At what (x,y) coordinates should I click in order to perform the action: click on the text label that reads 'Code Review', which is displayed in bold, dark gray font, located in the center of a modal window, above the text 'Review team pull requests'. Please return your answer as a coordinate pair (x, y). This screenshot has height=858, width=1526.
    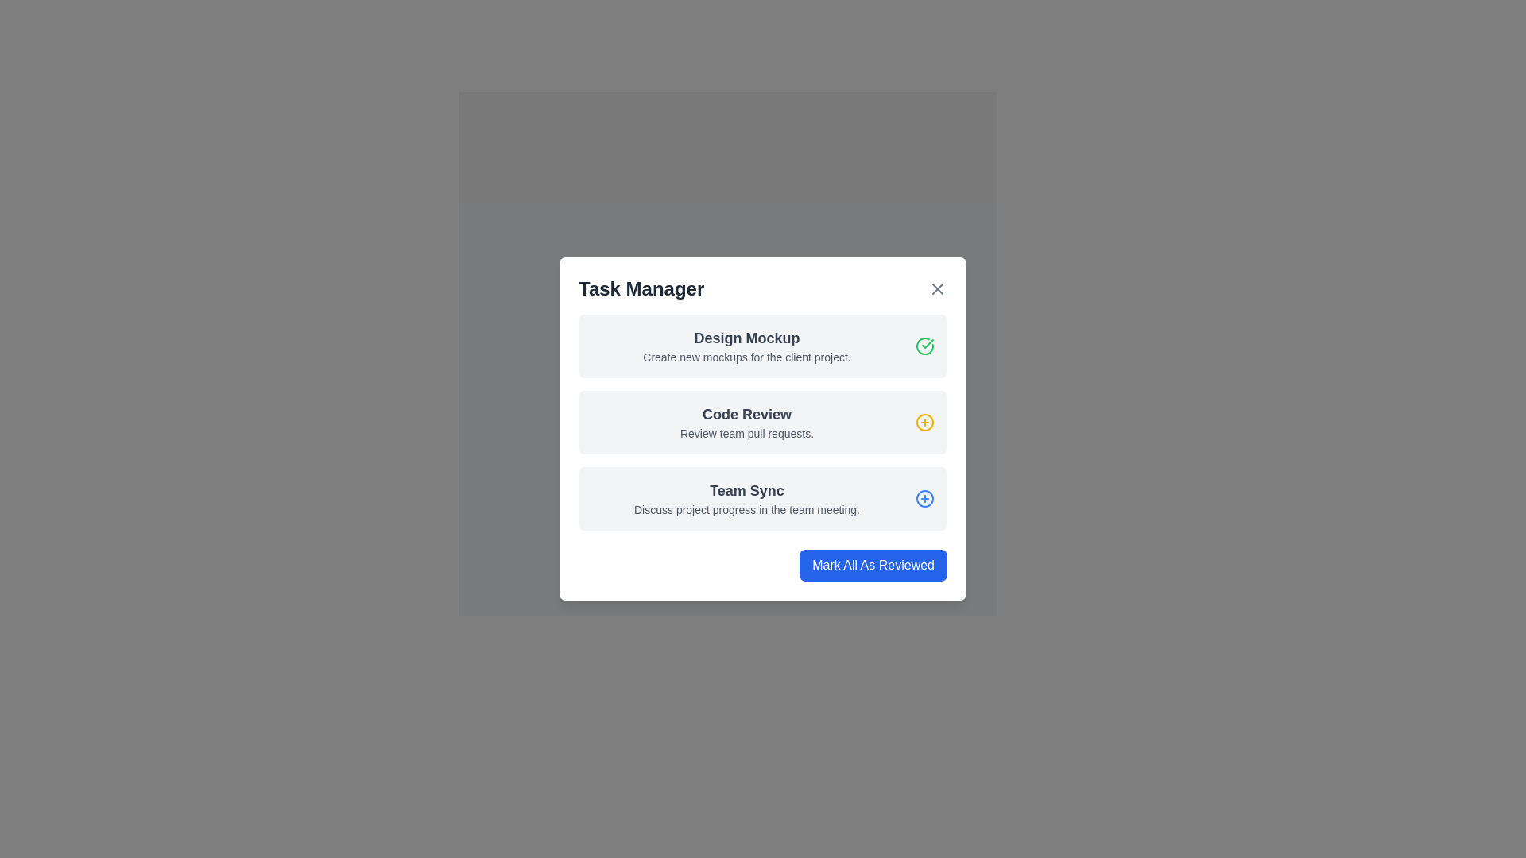
    Looking at the image, I should click on (746, 413).